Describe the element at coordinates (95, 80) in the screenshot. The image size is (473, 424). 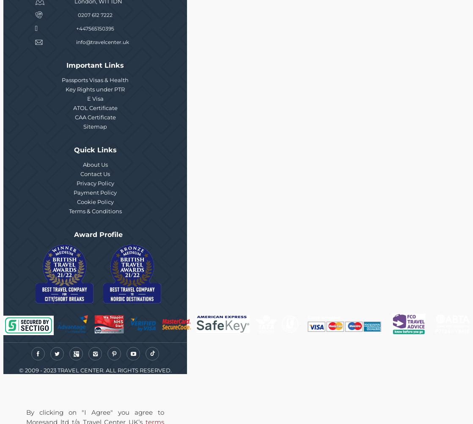
I see `'Passports Visas & Health'` at that location.